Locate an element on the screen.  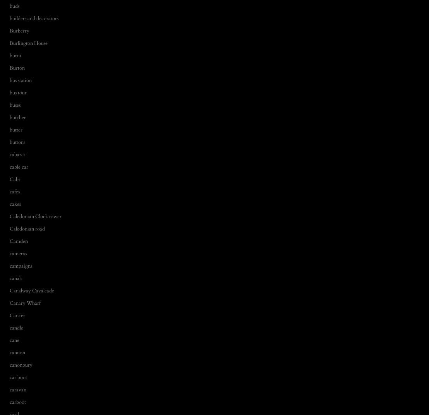
'carboot' is located at coordinates (17, 401).